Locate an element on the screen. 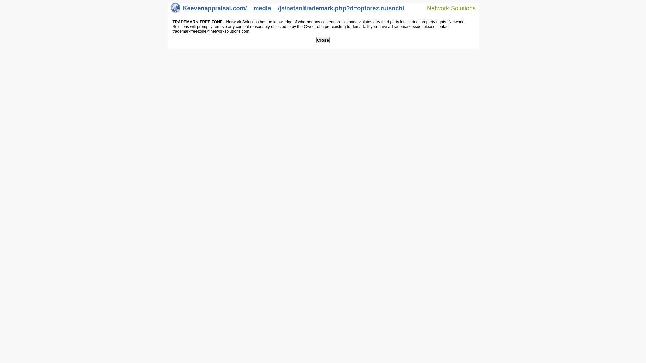  'Network Solutions' is located at coordinates (447, 8).